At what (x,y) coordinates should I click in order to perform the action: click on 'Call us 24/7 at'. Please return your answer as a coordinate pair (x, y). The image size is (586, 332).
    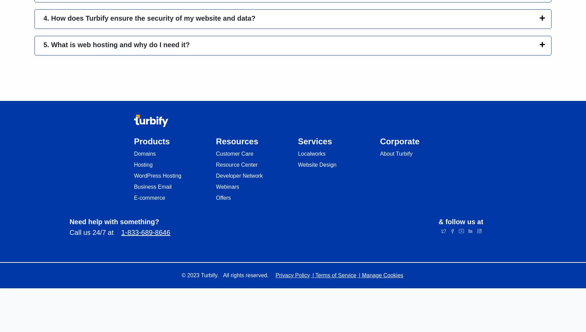
    Looking at the image, I should click on (95, 232).